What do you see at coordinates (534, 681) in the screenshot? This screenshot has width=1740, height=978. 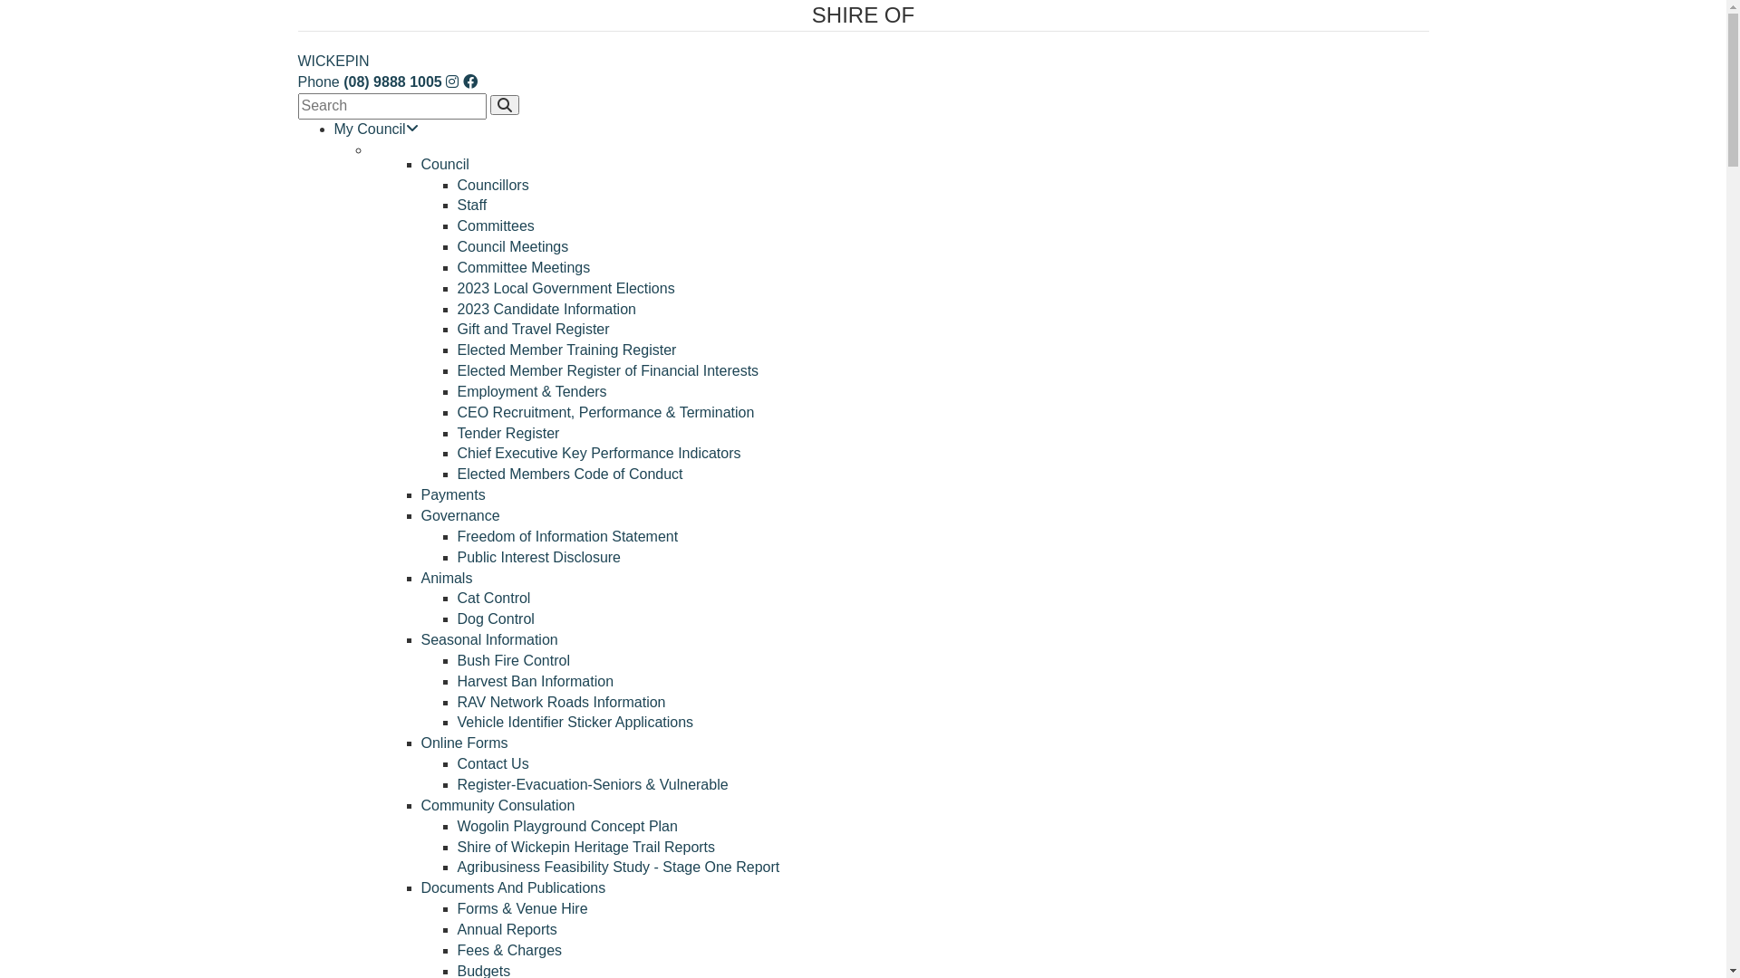 I see `'Harvest Ban Information'` at bounding box center [534, 681].